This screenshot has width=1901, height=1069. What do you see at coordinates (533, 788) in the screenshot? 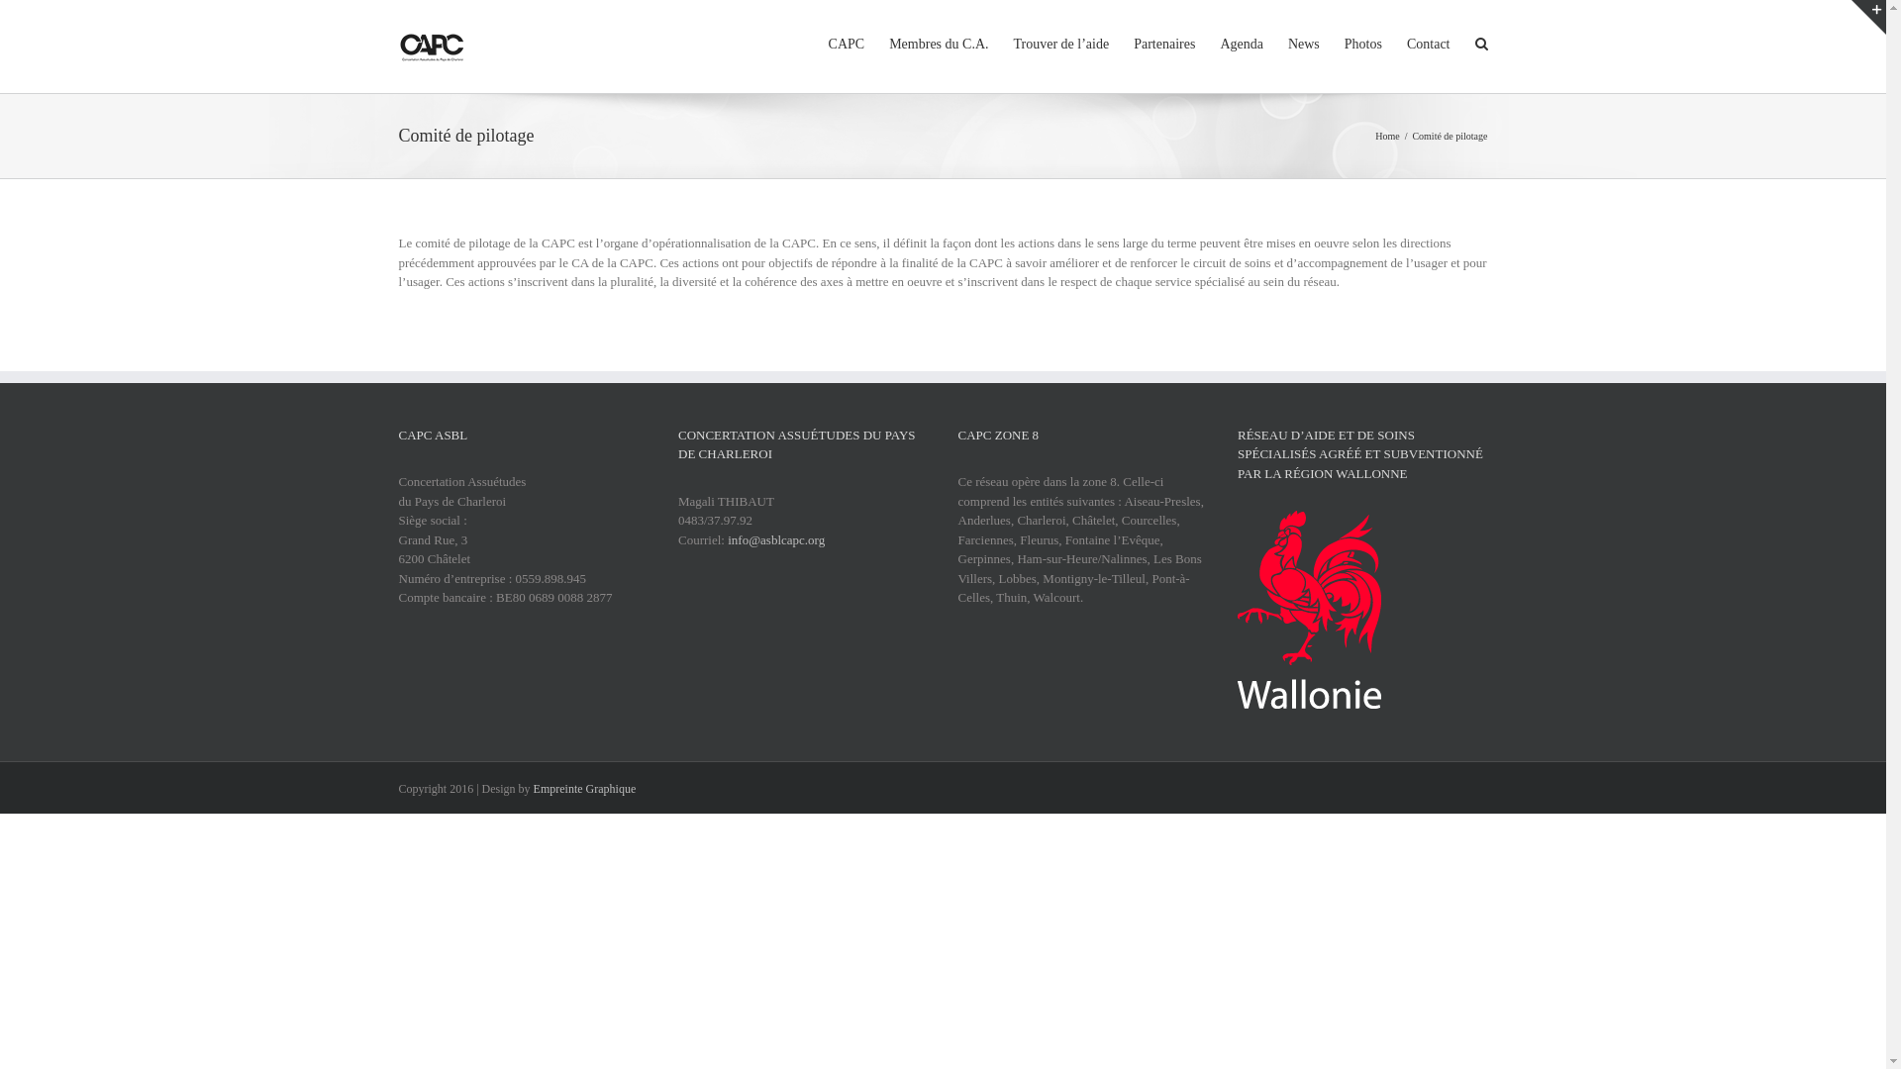
I see `'Empreinte Graphique'` at bounding box center [533, 788].